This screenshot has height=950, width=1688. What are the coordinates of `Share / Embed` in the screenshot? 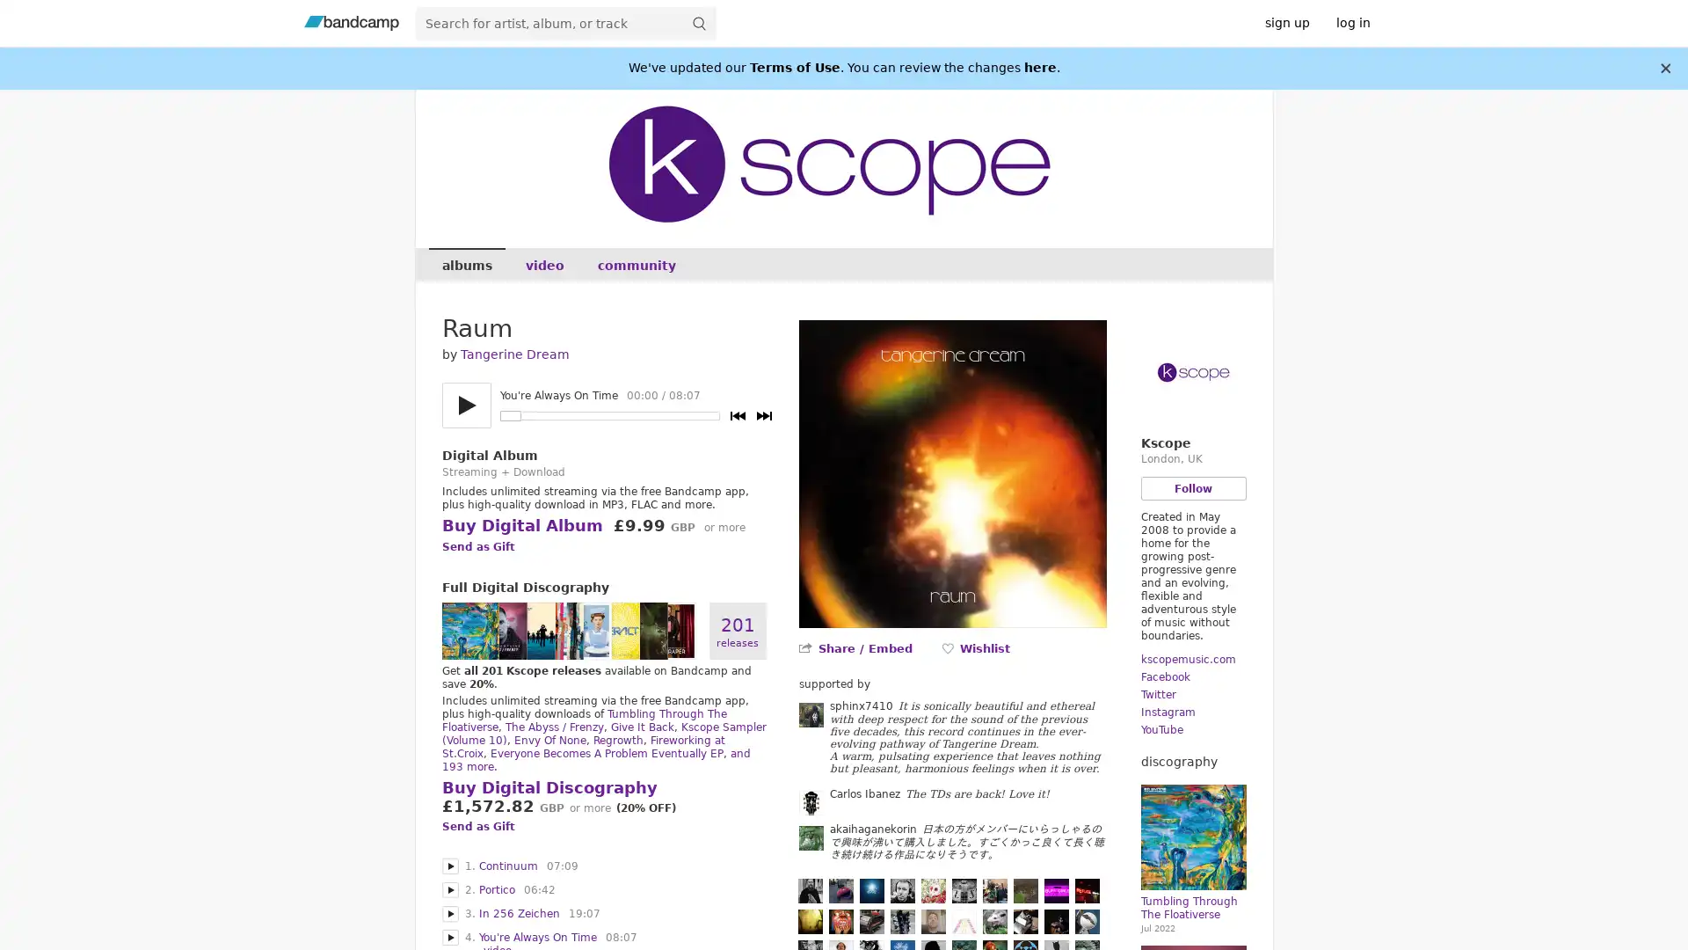 It's located at (864, 648).